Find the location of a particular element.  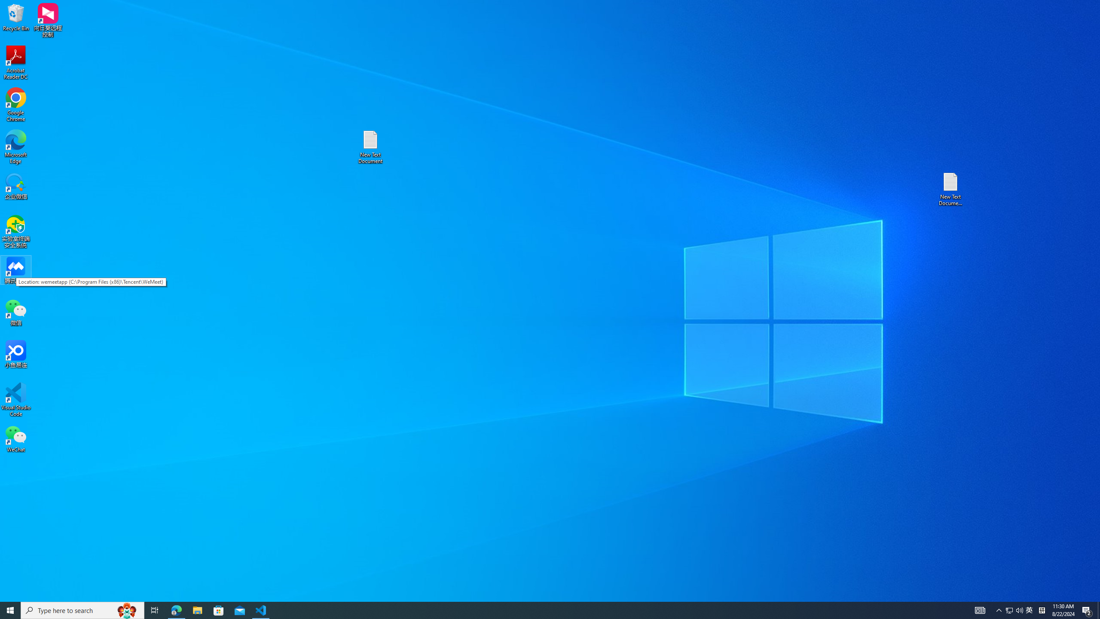

'Acrobat Reader DC' is located at coordinates (15, 62).